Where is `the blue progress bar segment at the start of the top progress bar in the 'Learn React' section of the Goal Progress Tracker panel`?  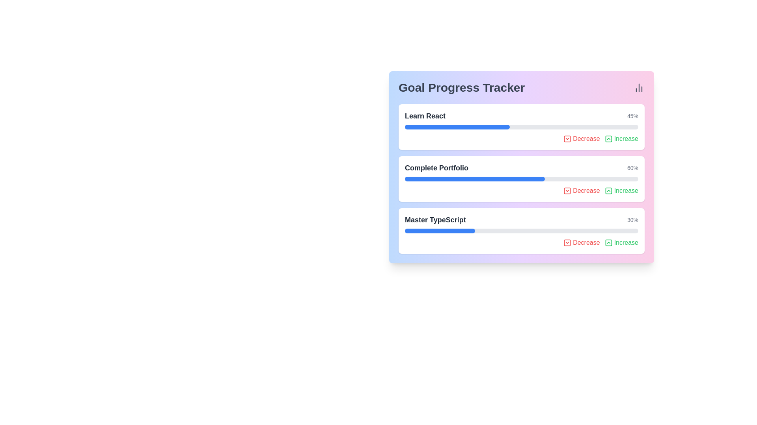 the blue progress bar segment at the start of the top progress bar in the 'Learn React' section of the Goal Progress Tracker panel is located at coordinates (457, 127).